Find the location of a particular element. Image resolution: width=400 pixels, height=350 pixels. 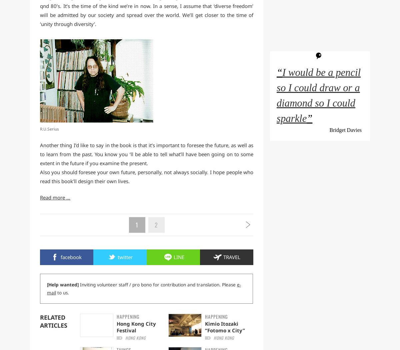

'Articles' is located at coordinates (53, 325).